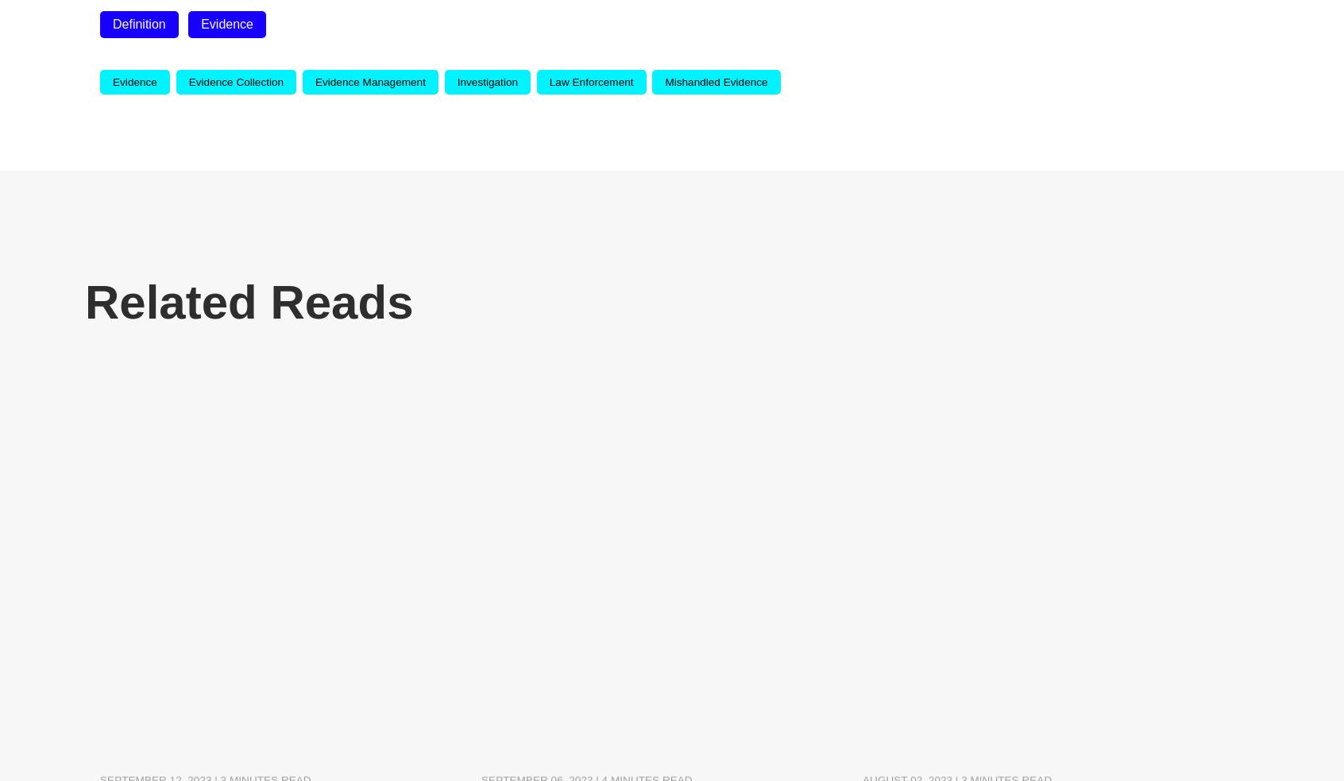 The height and width of the screenshot is (781, 1344). I want to click on 'Join The CaseGuard Team at IAI’s International Forensic Educational Conference', so click(1018, 690).